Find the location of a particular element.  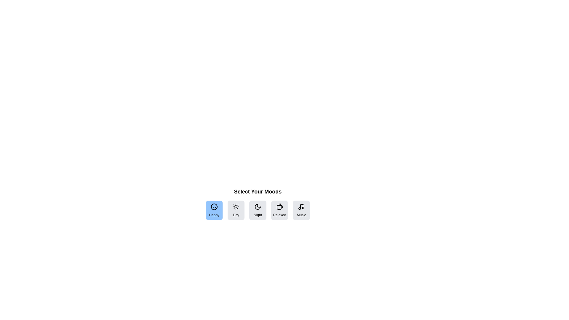

the 'Night' mood button located under the title 'Select Your Moods' is located at coordinates (258, 203).